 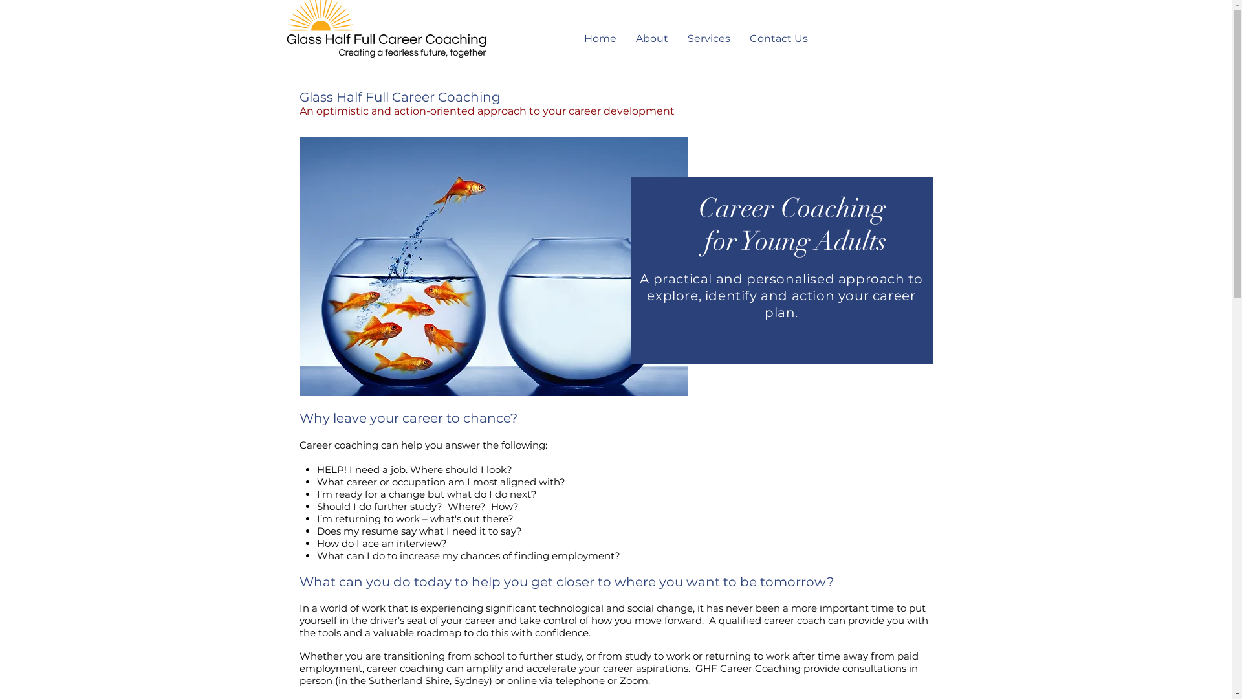 I want to click on 'Home', so click(x=574, y=38).